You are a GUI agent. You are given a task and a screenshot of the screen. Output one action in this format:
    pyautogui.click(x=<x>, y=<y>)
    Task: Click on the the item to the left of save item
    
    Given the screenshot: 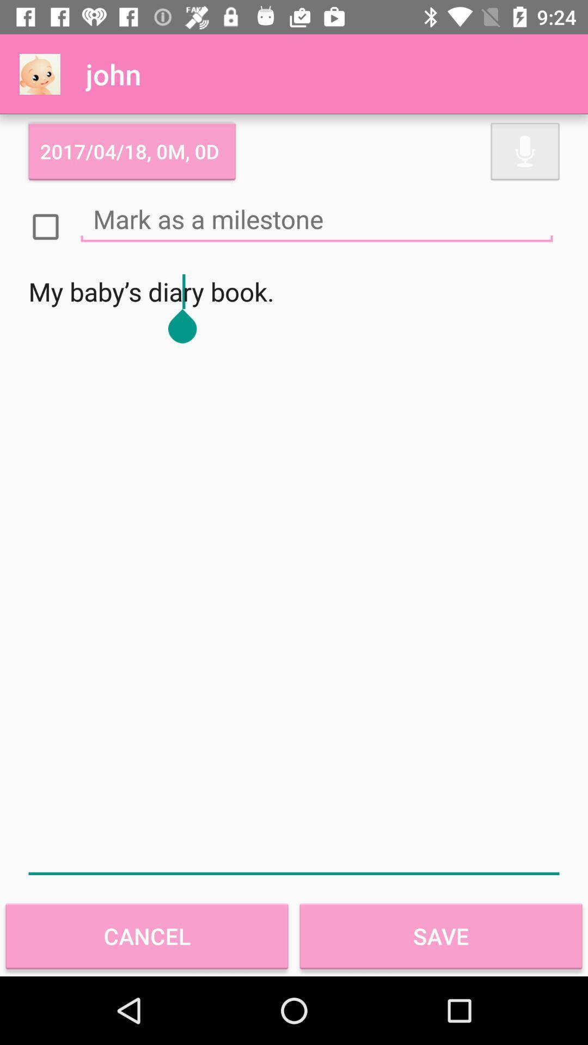 What is the action you would take?
    pyautogui.click(x=147, y=936)
    